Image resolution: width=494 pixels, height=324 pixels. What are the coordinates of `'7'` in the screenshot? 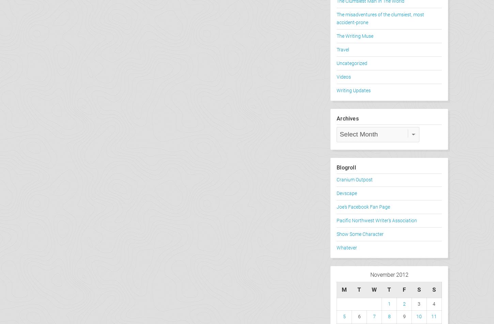 It's located at (373, 317).